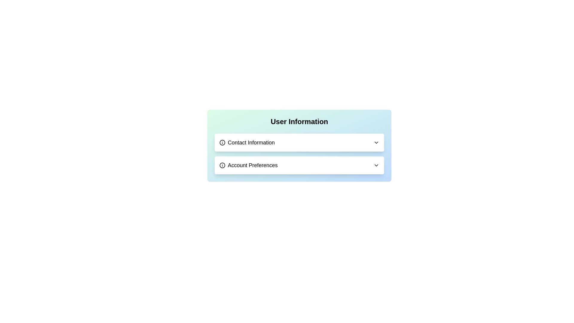 This screenshot has width=574, height=323. Describe the element at coordinates (222, 143) in the screenshot. I see `the Circle Icon located to the left of the 'Contact Information' label, which indicates alert or category context` at that location.